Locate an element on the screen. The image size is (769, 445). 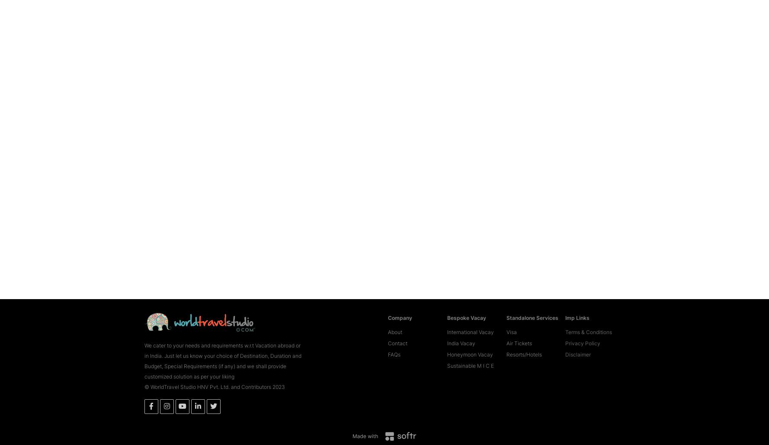
'Standalone Services' is located at coordinates (506, 305).